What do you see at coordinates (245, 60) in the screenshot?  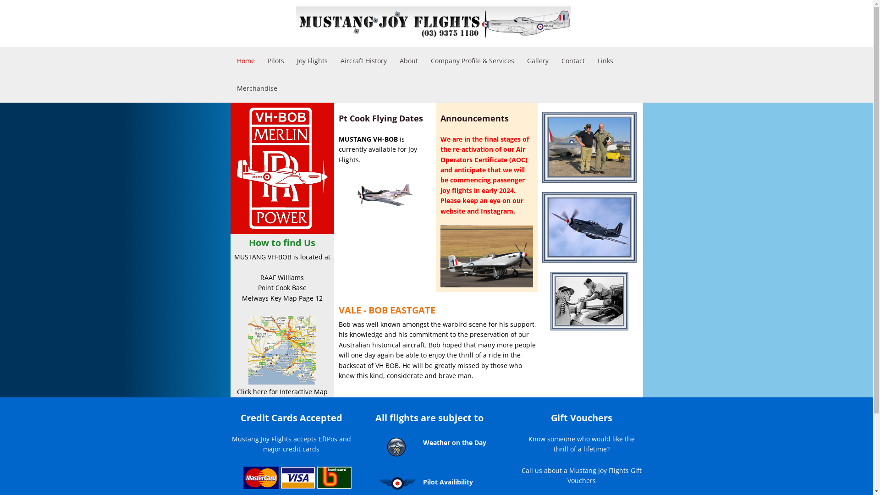 I see `'Home'` at bounding box center [245, 60].